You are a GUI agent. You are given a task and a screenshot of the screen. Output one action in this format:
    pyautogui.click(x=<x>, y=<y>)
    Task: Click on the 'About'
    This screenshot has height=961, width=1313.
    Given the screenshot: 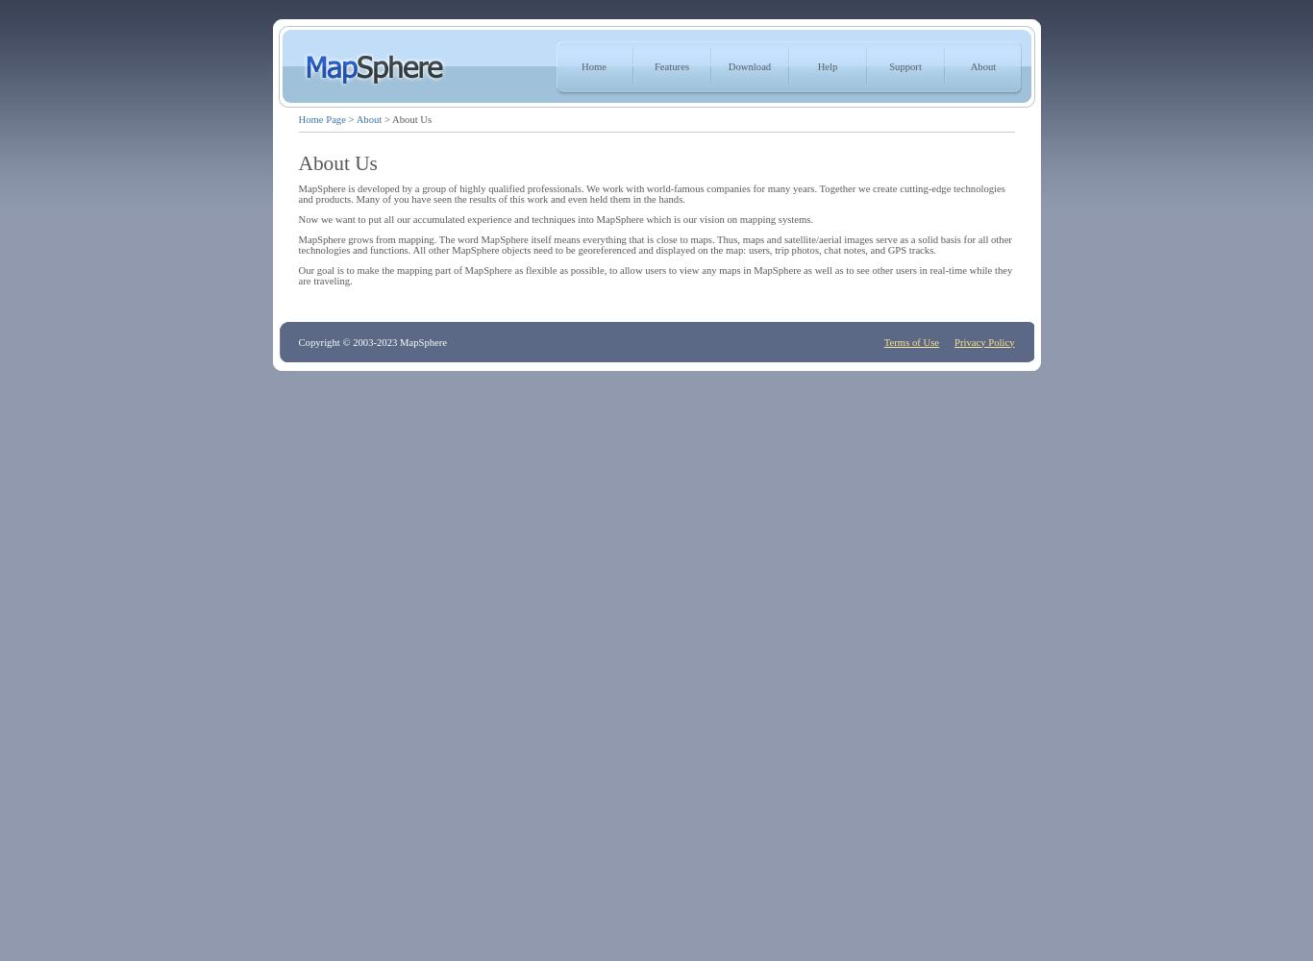 What is the action you would take?
    pyautogui.click(x=367, y=118)
    